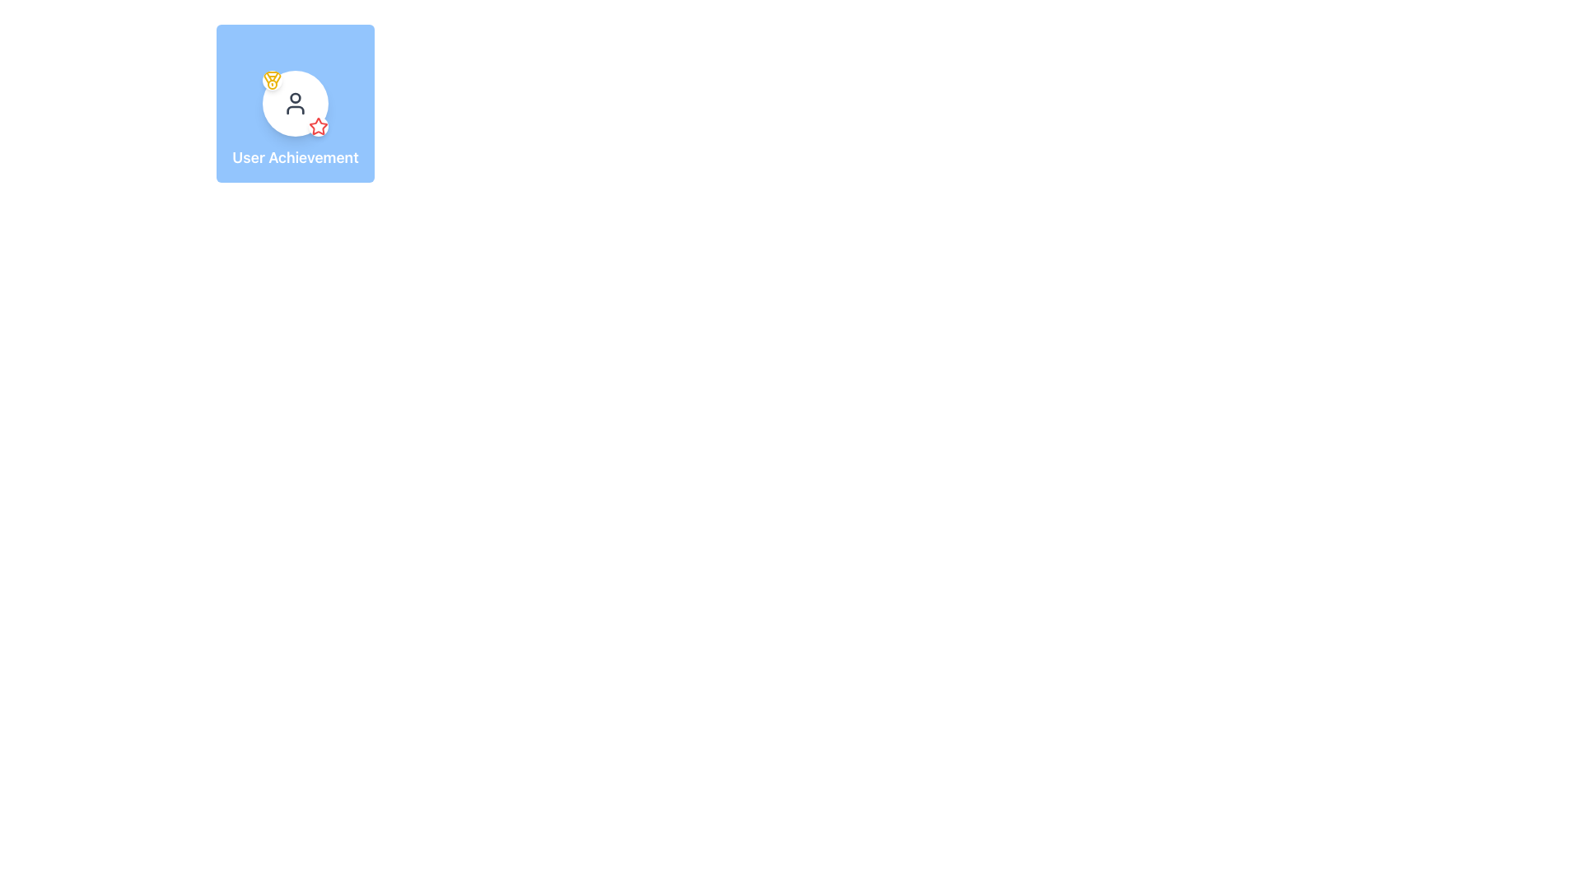  I want to click on the red star icon located at the bottom-right corner of its circular background to interact with it, so click(319, 126).